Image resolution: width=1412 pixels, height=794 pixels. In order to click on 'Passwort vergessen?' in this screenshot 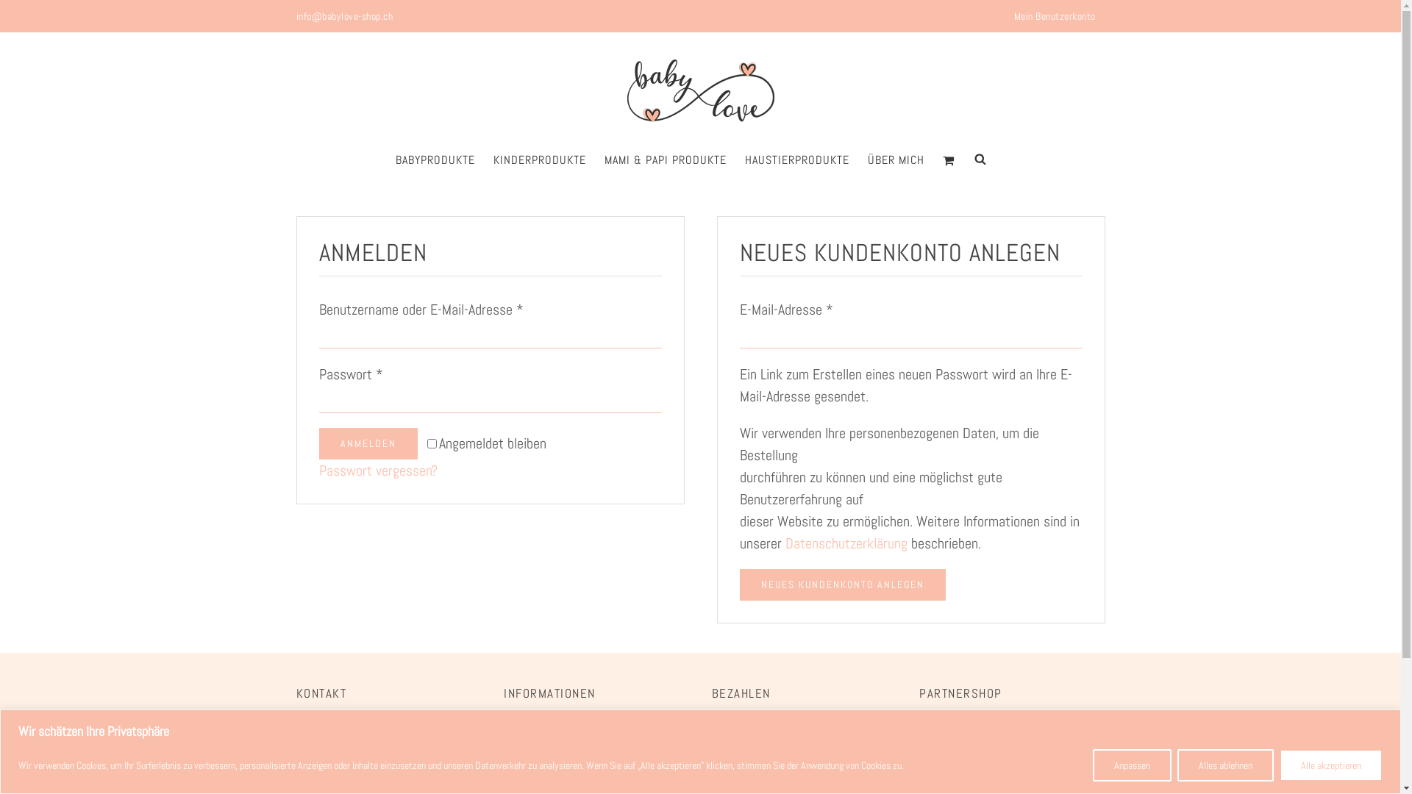, I will do `click(378, 471)`.